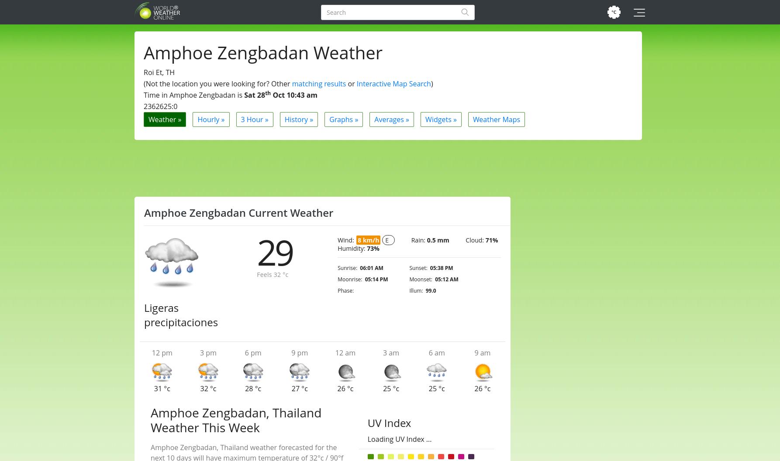 Image resolution: width=780 pixels, height=461 pixels. Describe the element at coordinates (299, 119) in the screenshot. I see `'History »'` at that location.